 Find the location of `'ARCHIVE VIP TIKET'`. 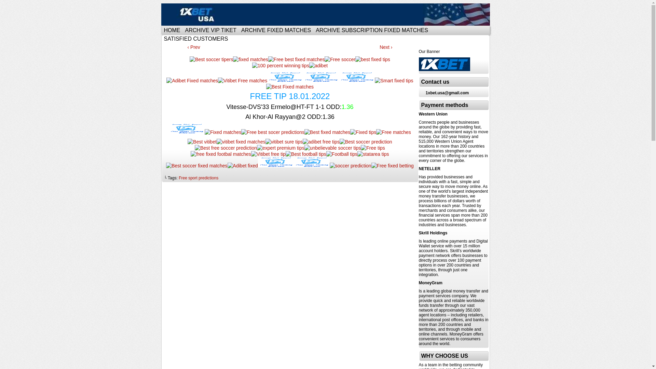

'ARCHIVE VIP TIKET' is located at coordinates (210, 30).